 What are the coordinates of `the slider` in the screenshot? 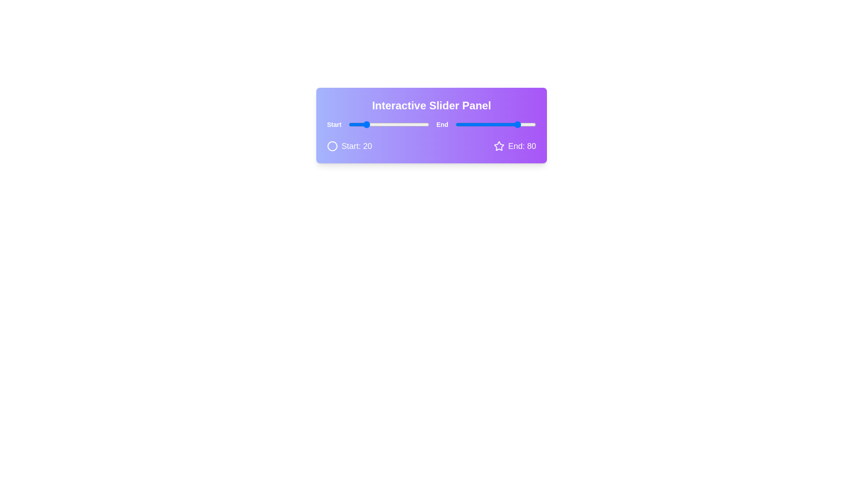 It's located at (503, 125).